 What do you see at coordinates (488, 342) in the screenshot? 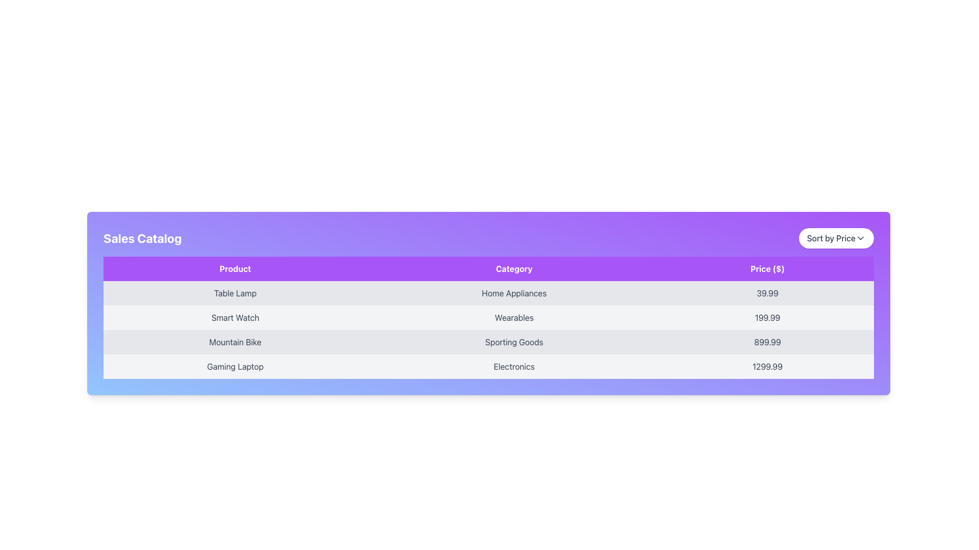
I see `the third row in the product catalog table, which displays 'Mountain Bike' under 'Product', 'Sporting Goods' under 'Category', and '899.99' under 'Price ($)'` at bounding box center [488, 342].